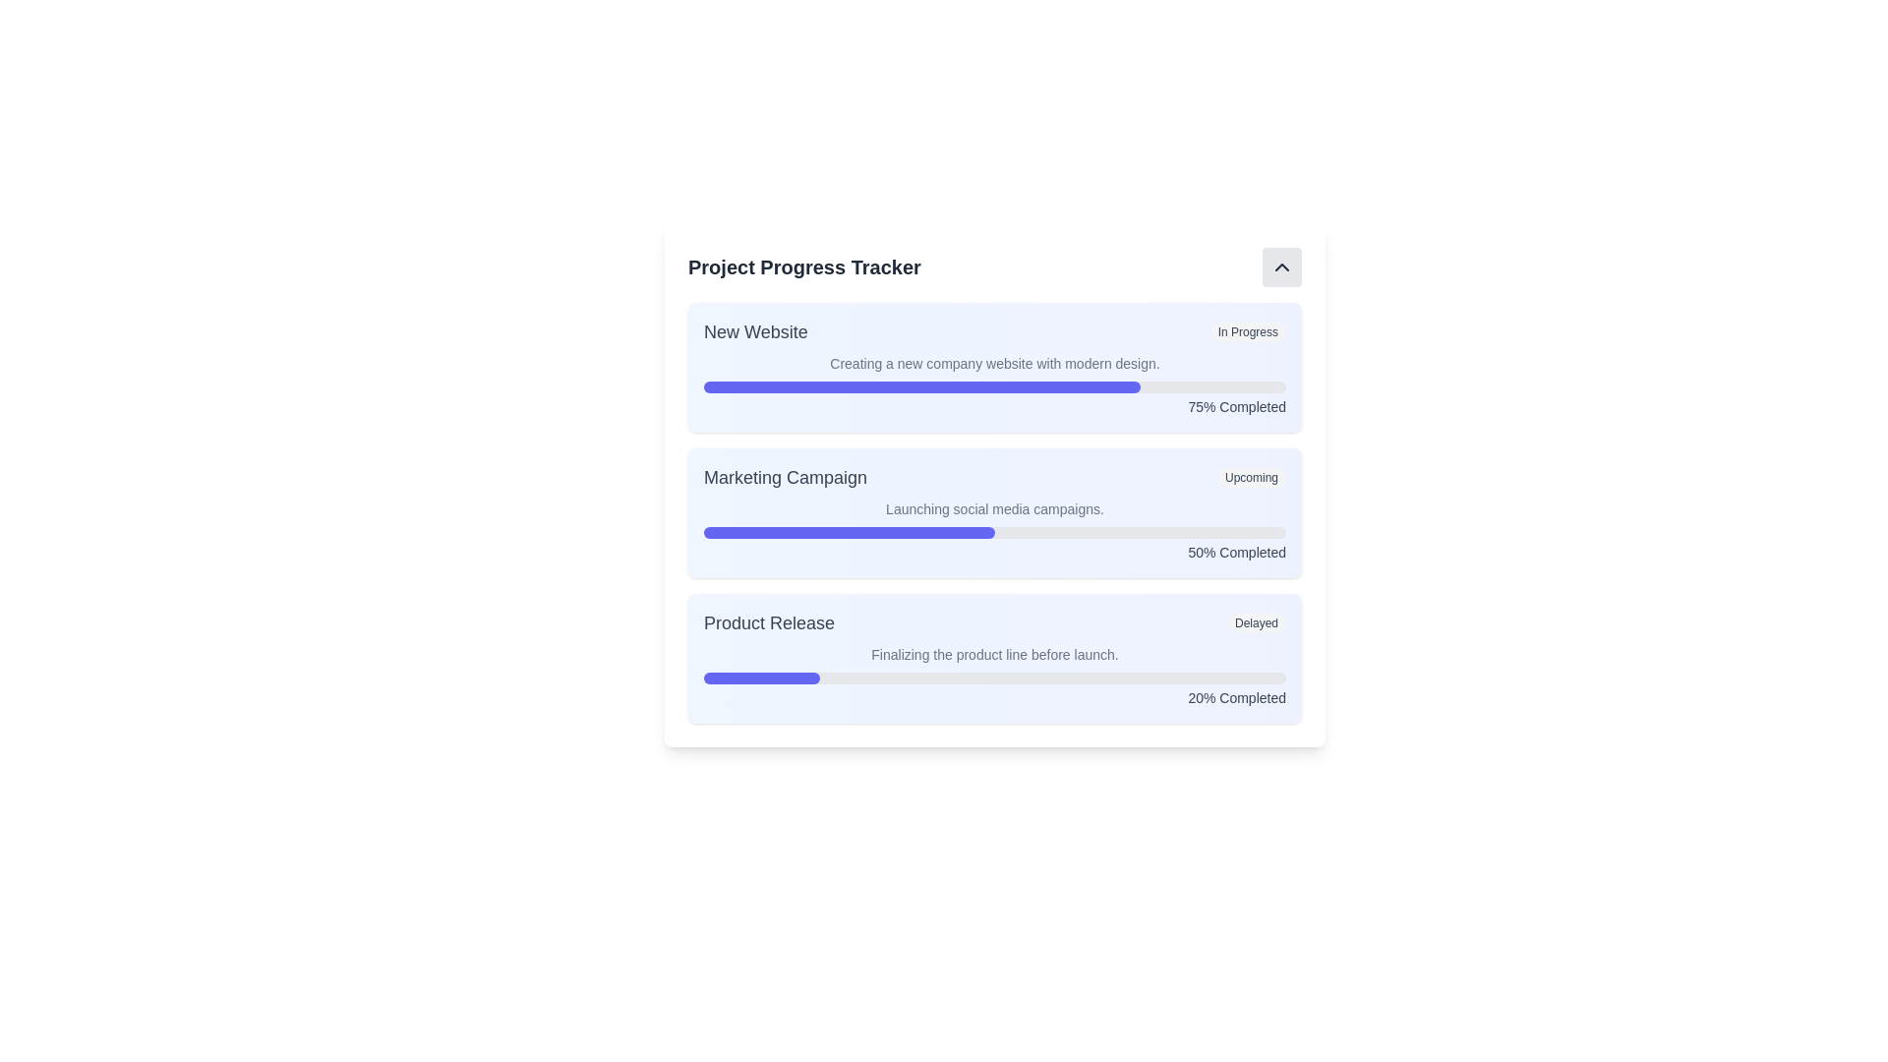  Describe the element at coordinates (761, 678) in the screenshot. I see `the progress bar segment that visually represents 20% progress of the 'Product Release' task, located within the third section of the vertical list of progress indicators` at that location.